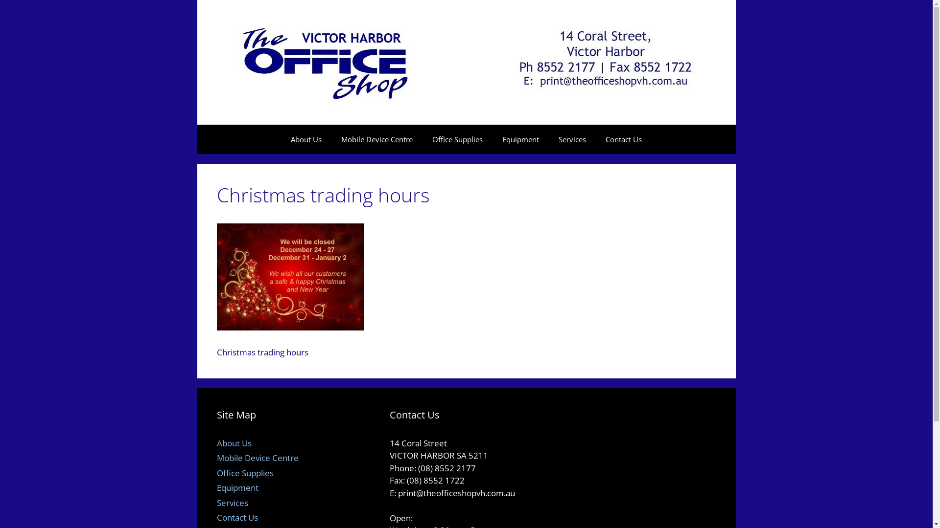 Image resolution: width=940 pixels, height=528 pixels. Describe the element at coordinates (244, 472) in the screenshot. I see `'Office Supplies'` at that location.